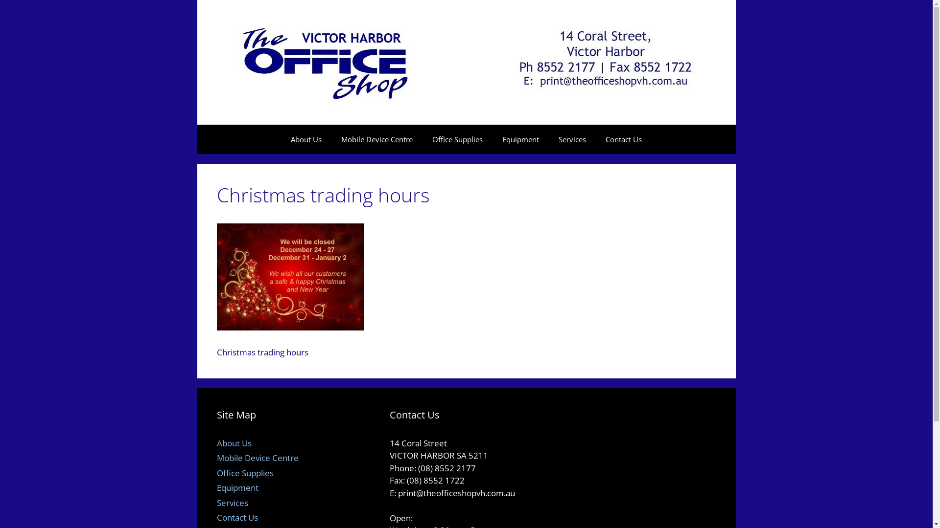 Image resolution: width=940 pixels, height=528 pixels. Describe the element at coordinates (244, 472) in the screenshot. I see `'Office Supplies'` at that location.